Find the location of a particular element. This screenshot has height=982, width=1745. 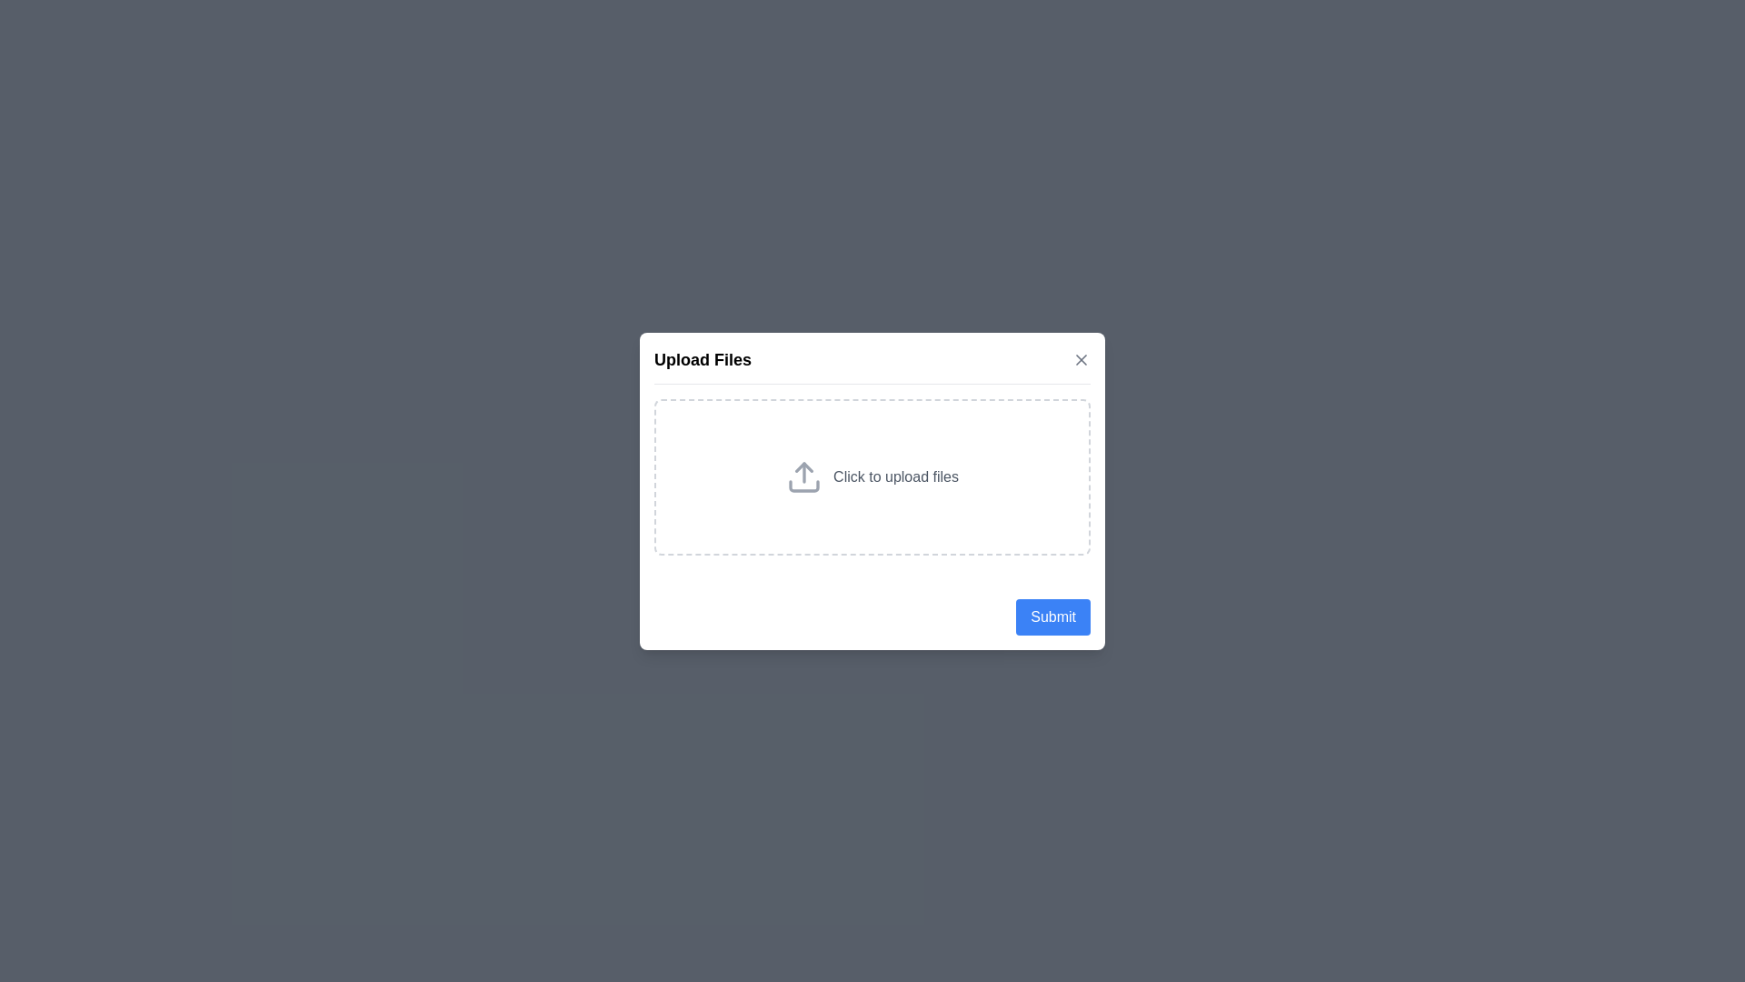

submit button to submit the uploaded files is located at coordinates (1052, 616).